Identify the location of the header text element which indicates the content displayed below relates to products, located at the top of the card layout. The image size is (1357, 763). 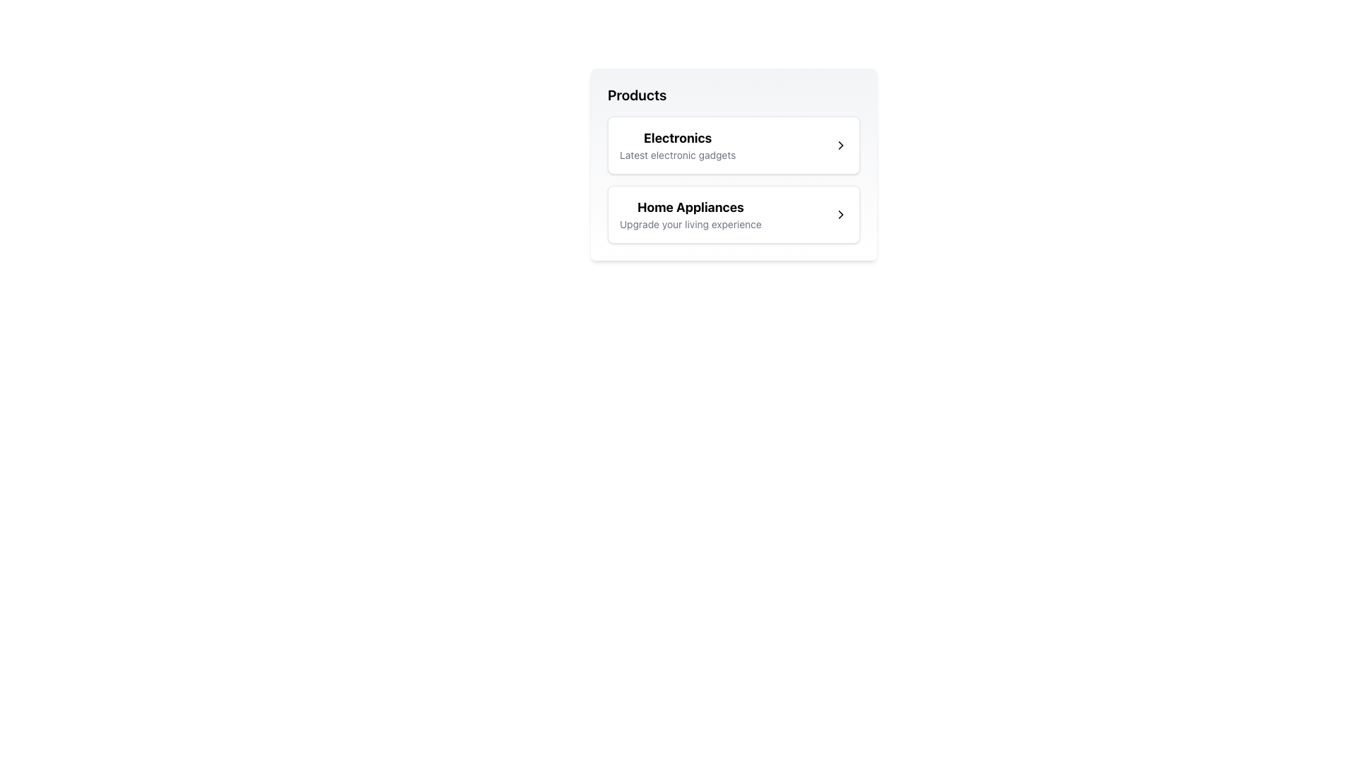
(636, 95).